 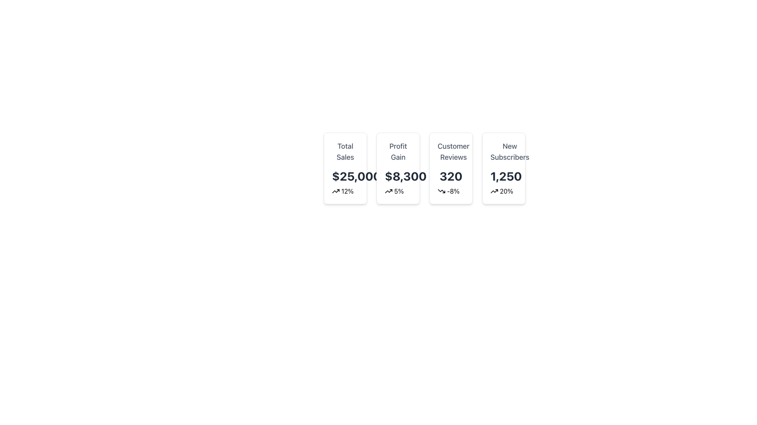 What do you see at coordinates (503, 176) in the screenshot?
I see `the numeric text '1,250' displayed in bold font within the 'New Subscribers' card, located below the label 'New Subscribers' and above '20%'` at bounding box center [503, 176].